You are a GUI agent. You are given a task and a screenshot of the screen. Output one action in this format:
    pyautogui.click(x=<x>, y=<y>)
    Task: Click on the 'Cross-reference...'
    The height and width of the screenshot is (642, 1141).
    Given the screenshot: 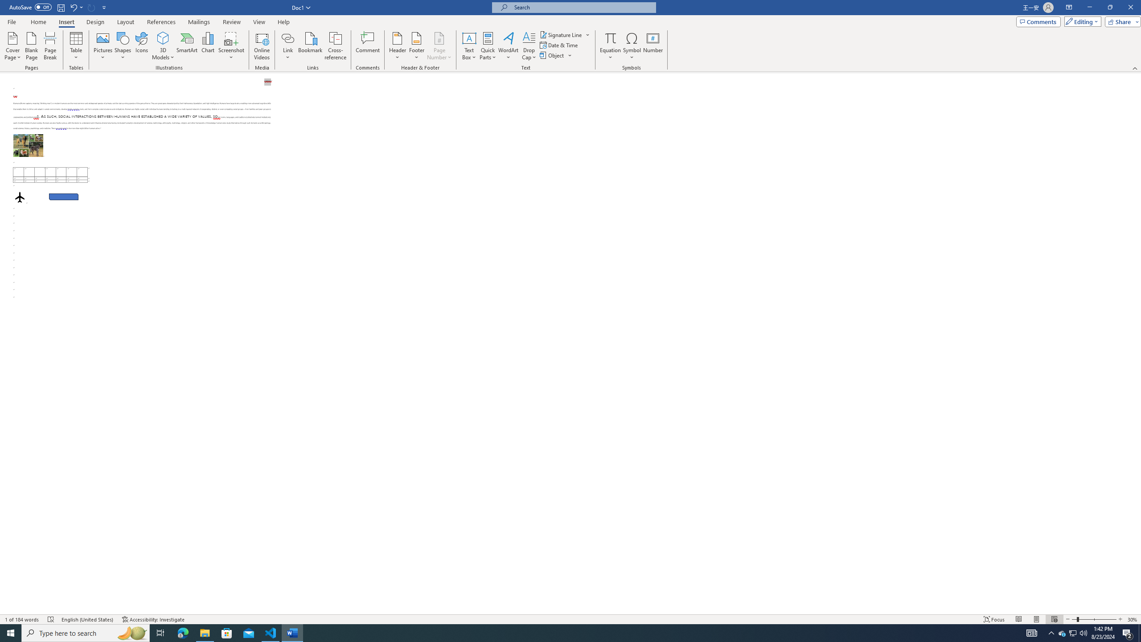 What is the action you would take?
    pyautogui.click(x=336, y=46)
    